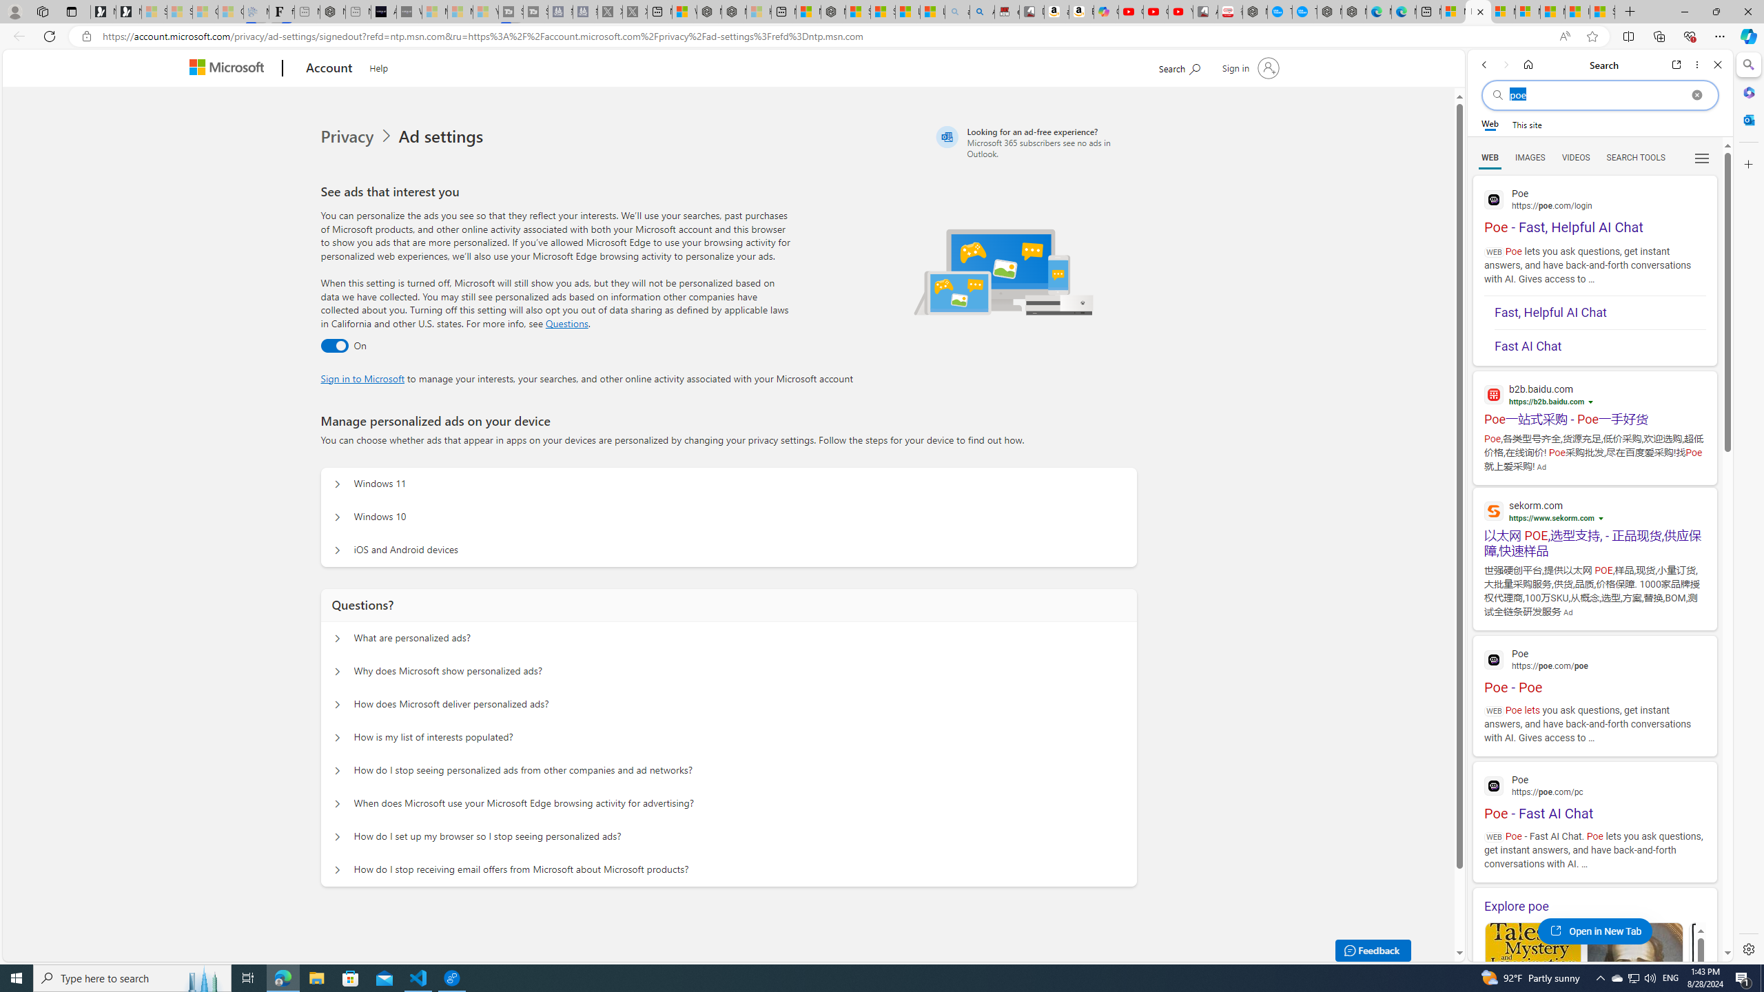 This screenshot has height=992, width=1764. Describe the element at coordinates (1747, 64) in the screenshot. I see `'Search'` at that location.